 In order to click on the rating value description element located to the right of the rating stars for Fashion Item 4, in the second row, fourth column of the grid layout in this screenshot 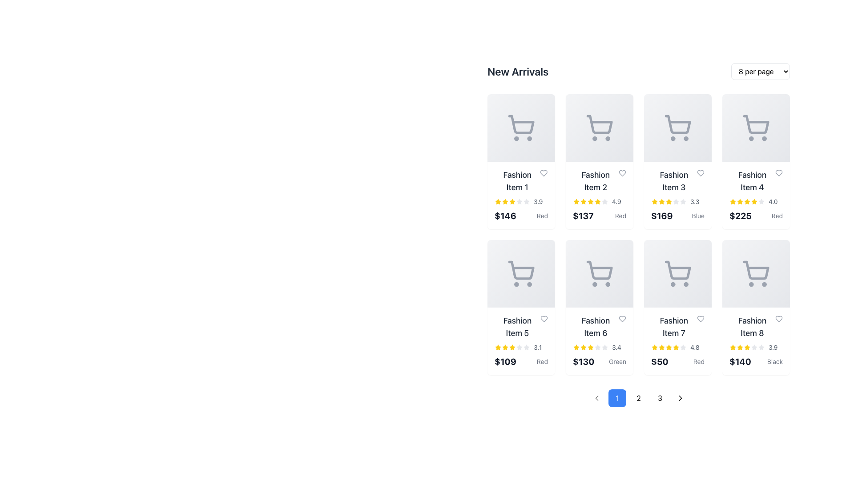, I will do `click(773, 202)`.